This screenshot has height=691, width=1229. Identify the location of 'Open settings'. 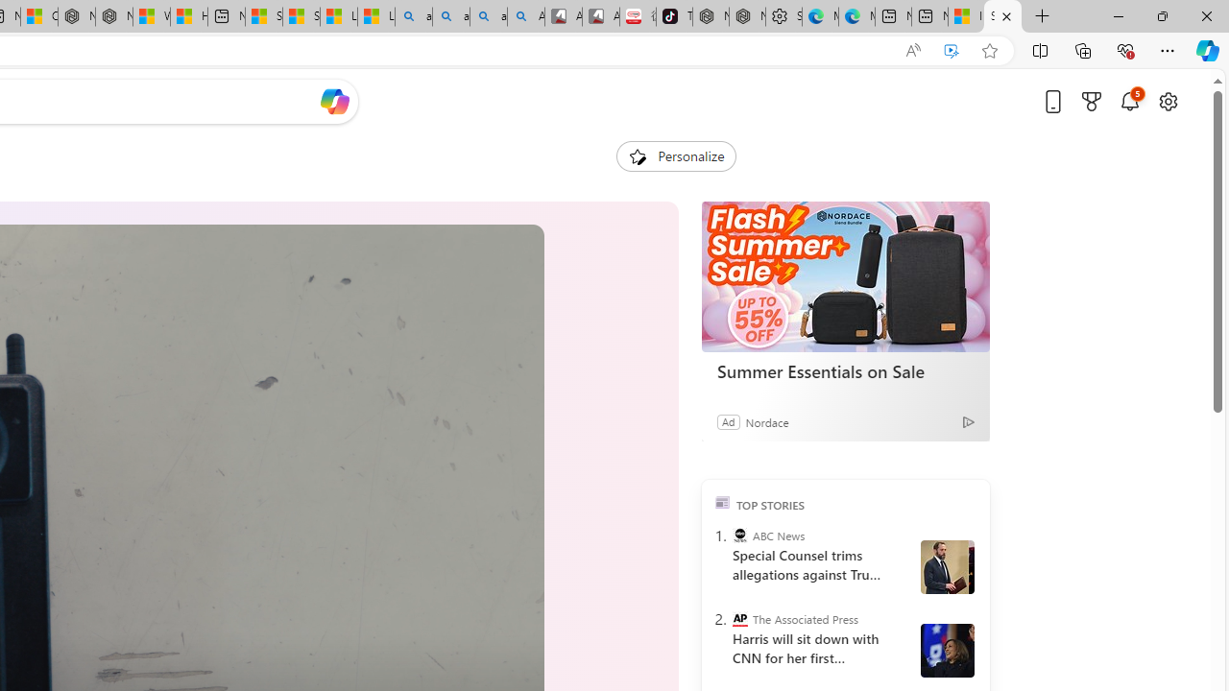
(1167, 101).